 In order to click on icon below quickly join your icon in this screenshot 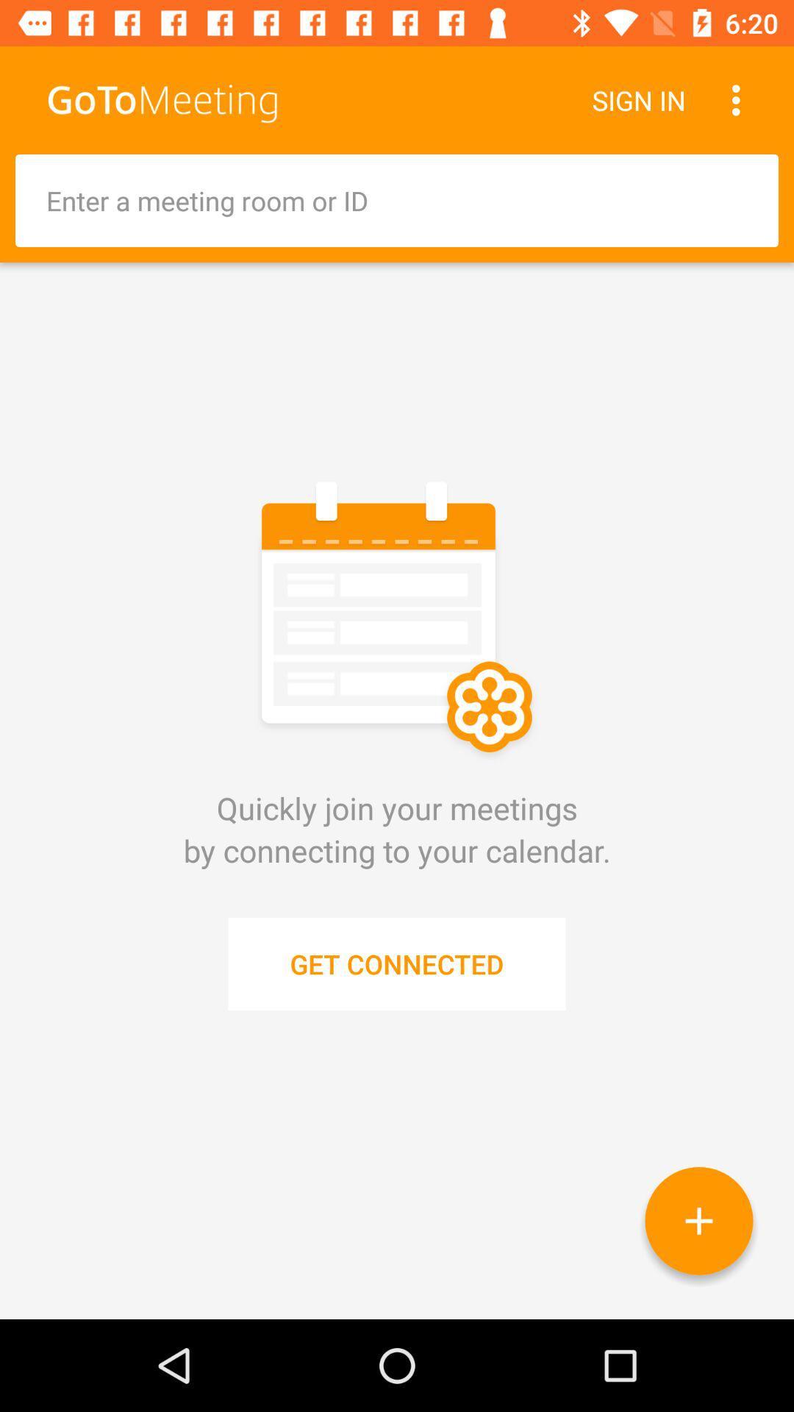, I will do `click(397, 963)`.